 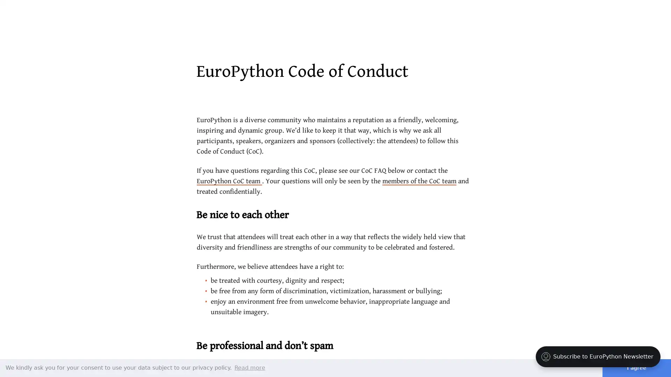 What do you see at coordinates (644, 13) in the screenshot?
I see `Sign up` at bounding box center [644, 13].